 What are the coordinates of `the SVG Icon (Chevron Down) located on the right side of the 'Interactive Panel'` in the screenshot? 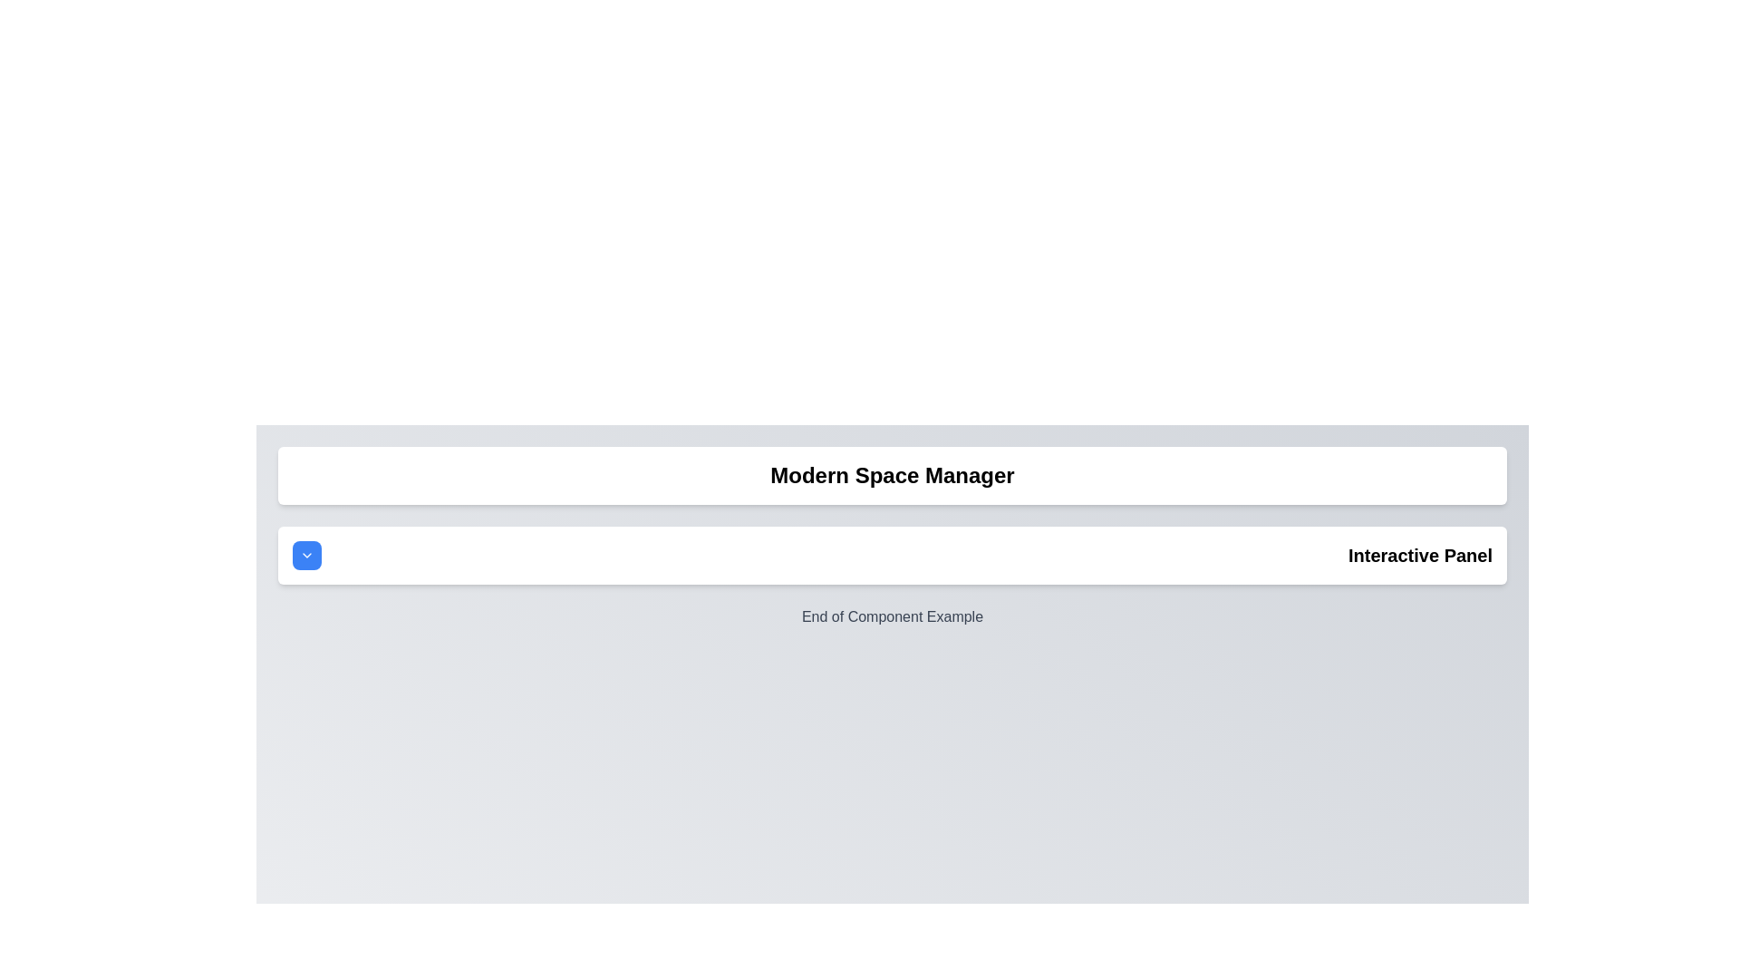 It's located at (307, 555).